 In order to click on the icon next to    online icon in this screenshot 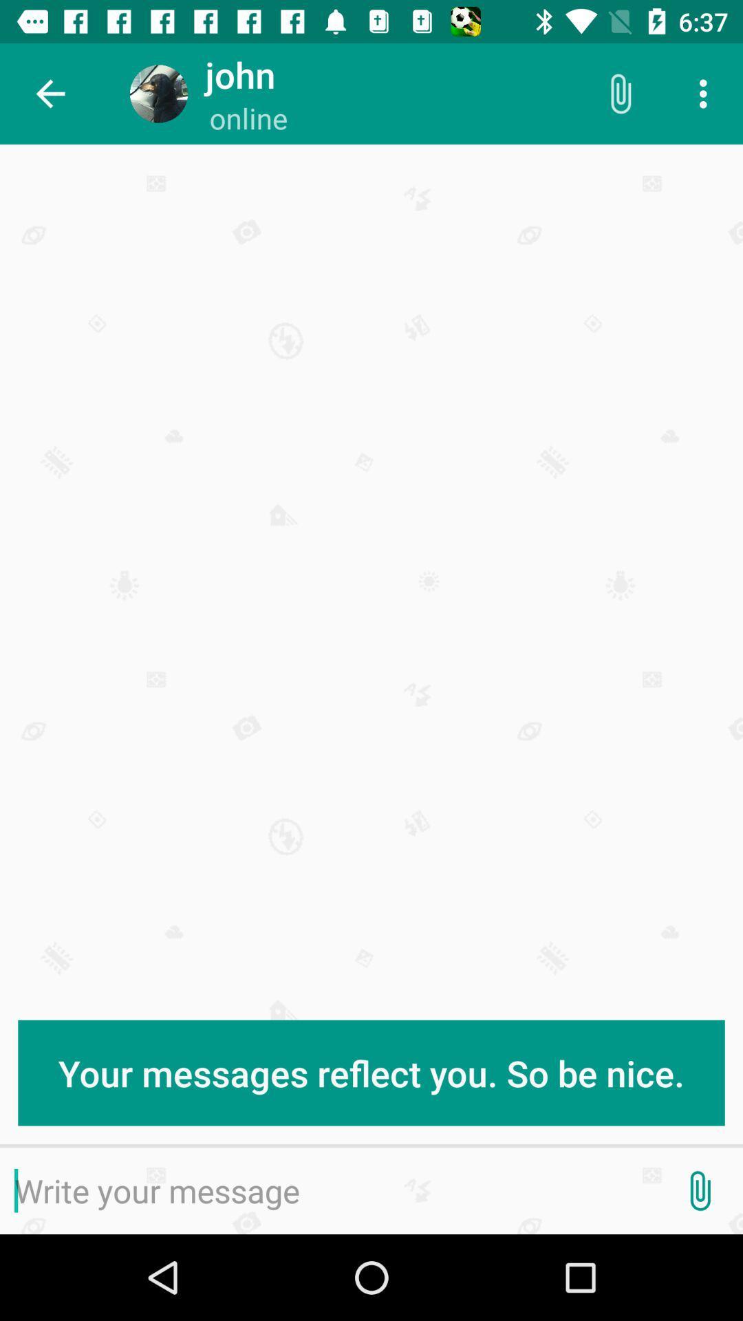, I will do `click(620, 93)`.